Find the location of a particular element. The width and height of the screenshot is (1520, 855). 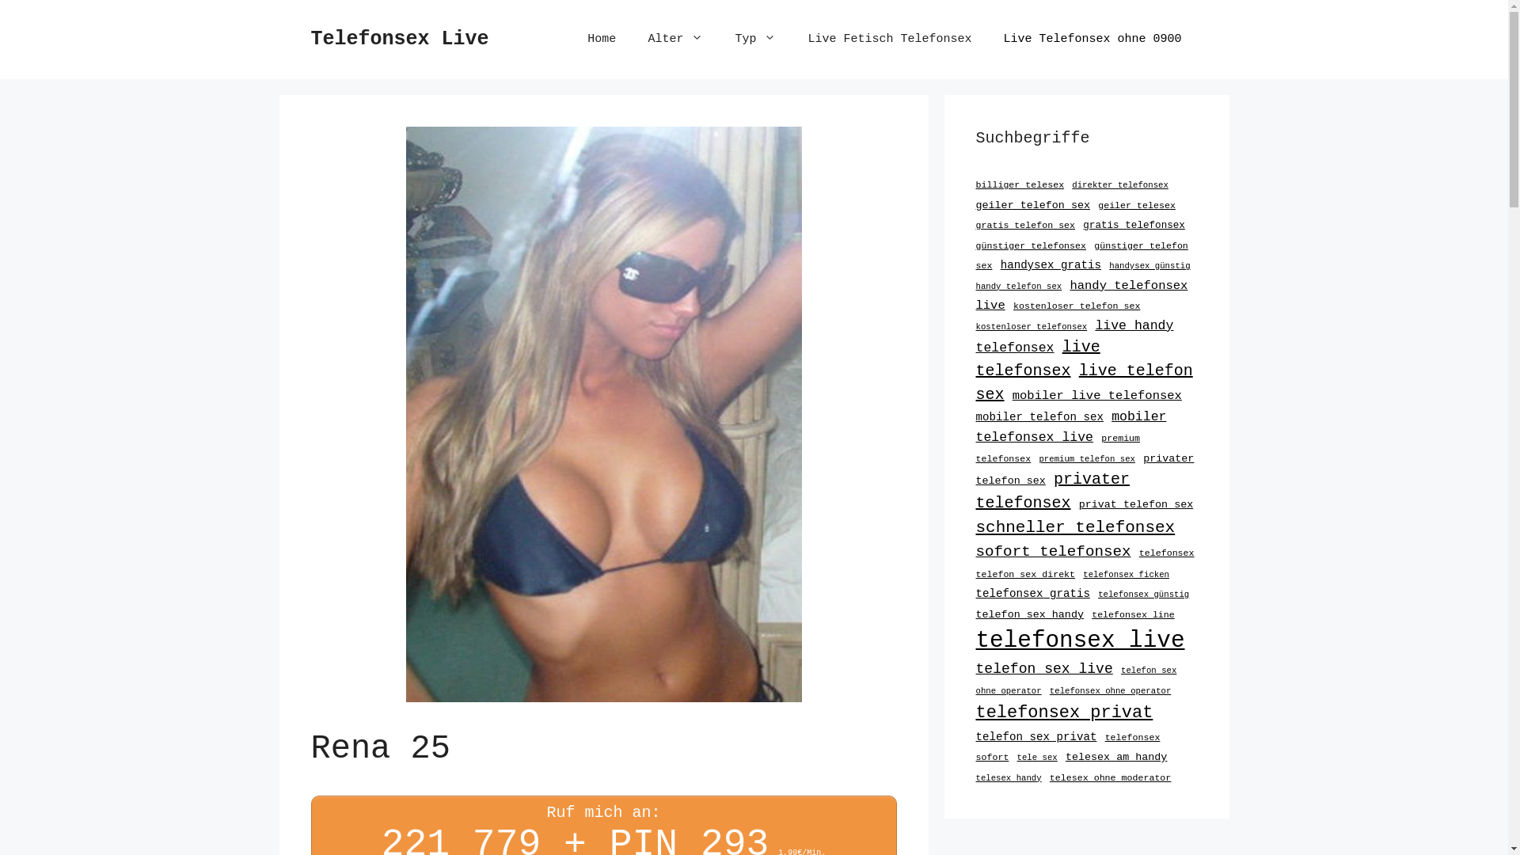

'premium telefonsex' is located at coordinates (1057, 448).